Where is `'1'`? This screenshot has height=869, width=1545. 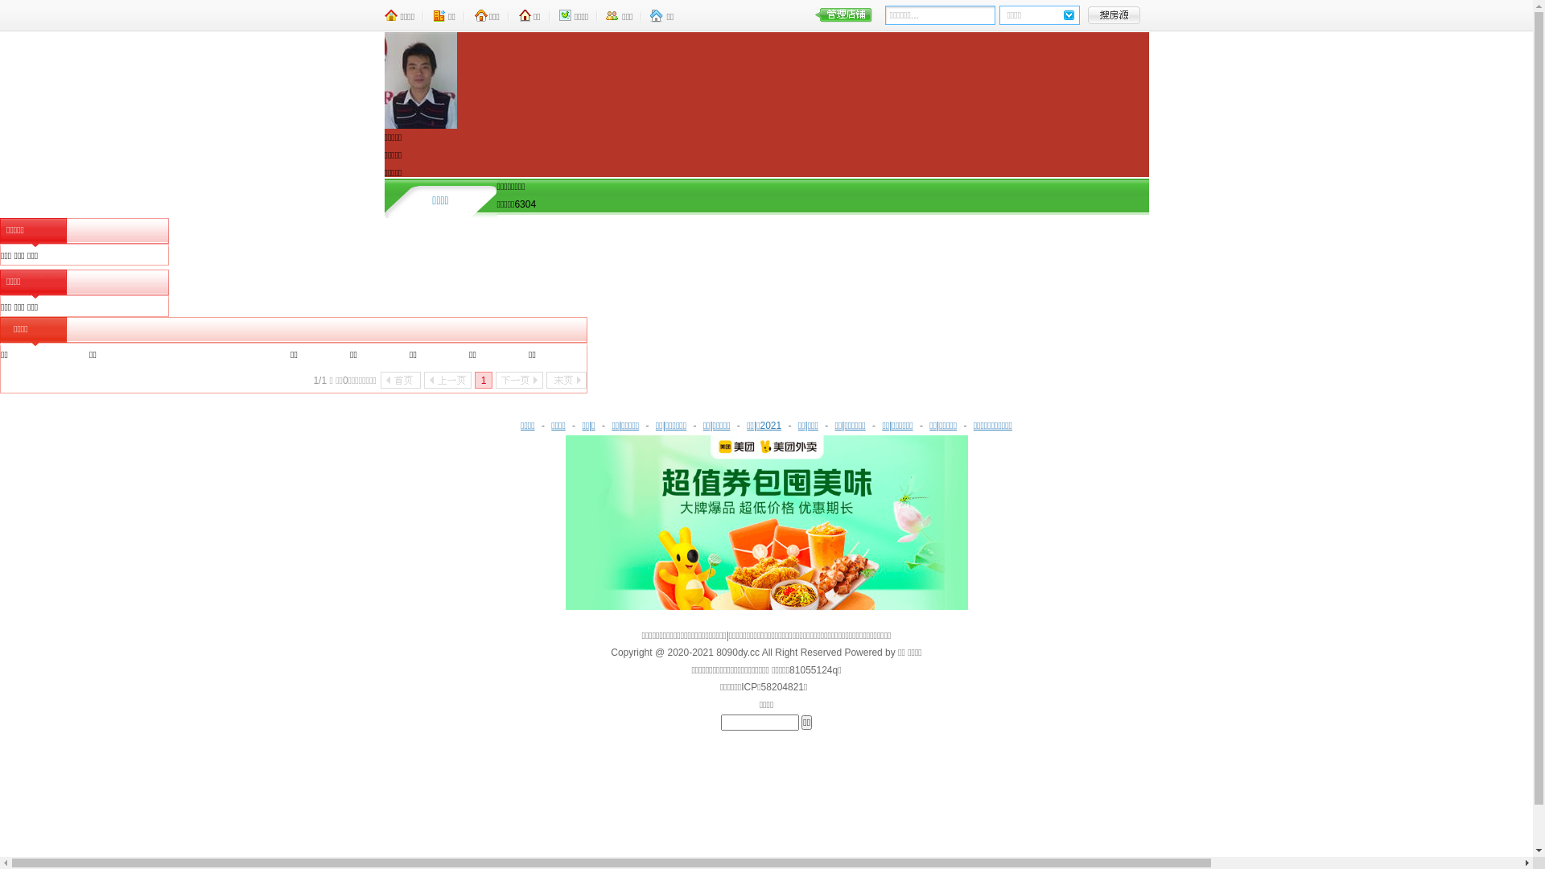 '1' is located at coordinates (482, 380).